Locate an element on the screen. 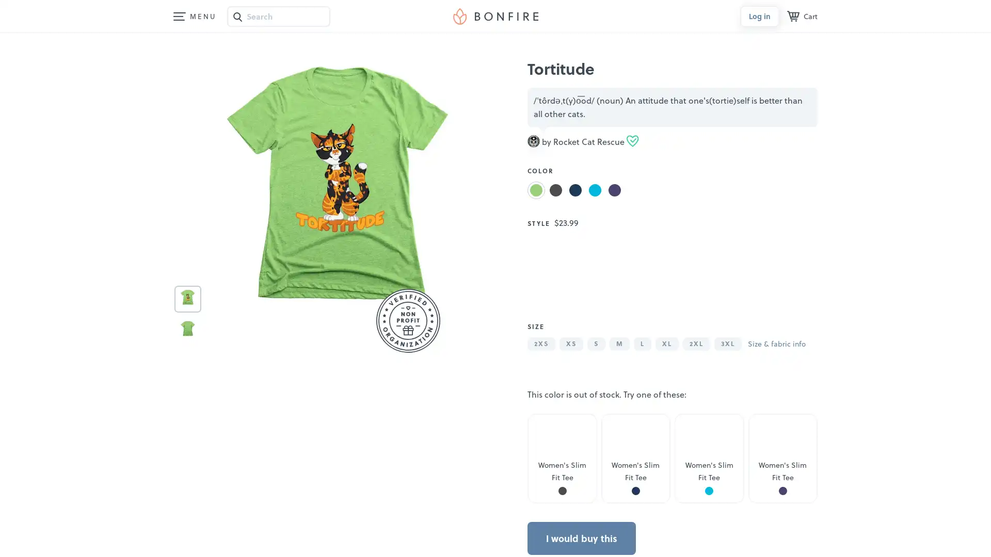 This screenshot has width=991, height=557. I would buy this is located at coordinates (582, 539).